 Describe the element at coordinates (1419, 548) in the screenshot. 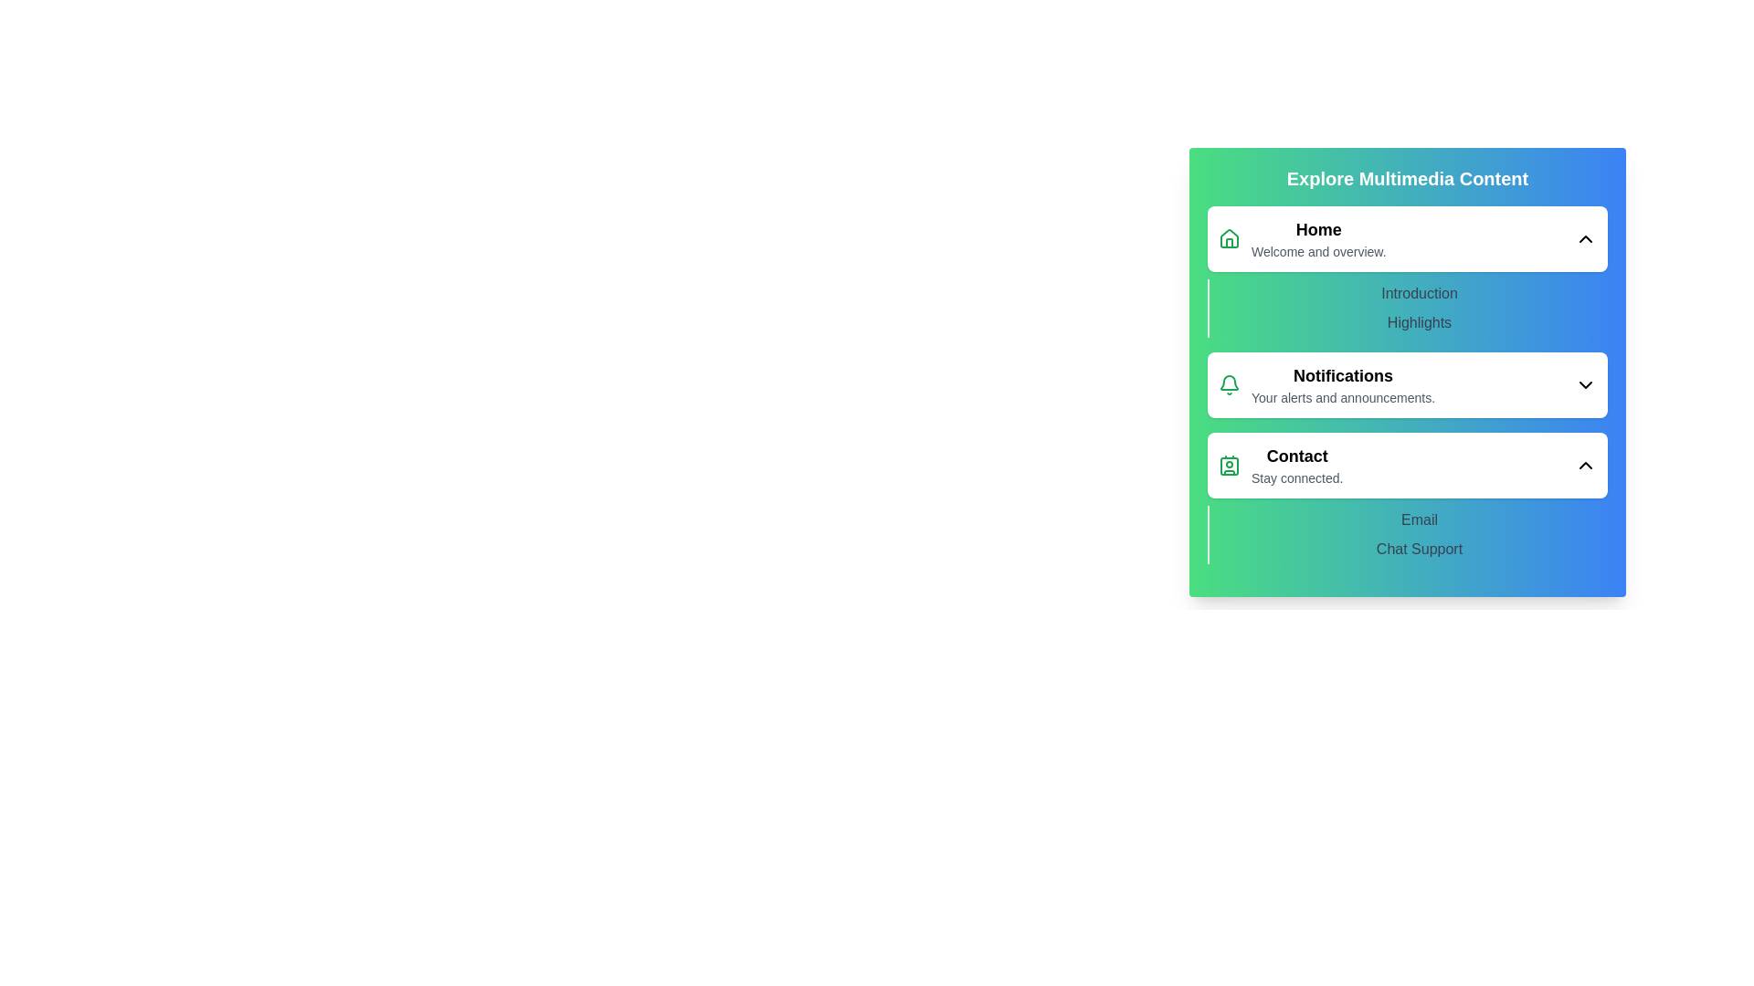

I see `the sub-item Chat Support within the expanded menu` at that location.